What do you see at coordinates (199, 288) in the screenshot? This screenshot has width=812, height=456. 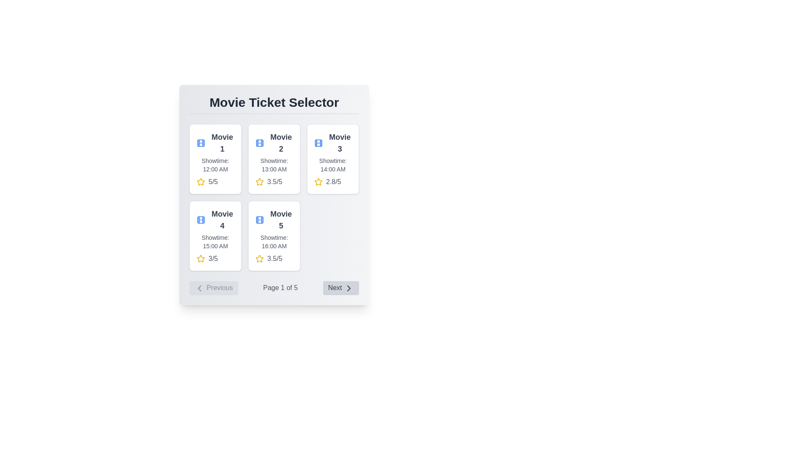 I see `the leftward-pointing chevron icon within the 'Previous' button for accessibility actions` at bounding box center [199, 288].